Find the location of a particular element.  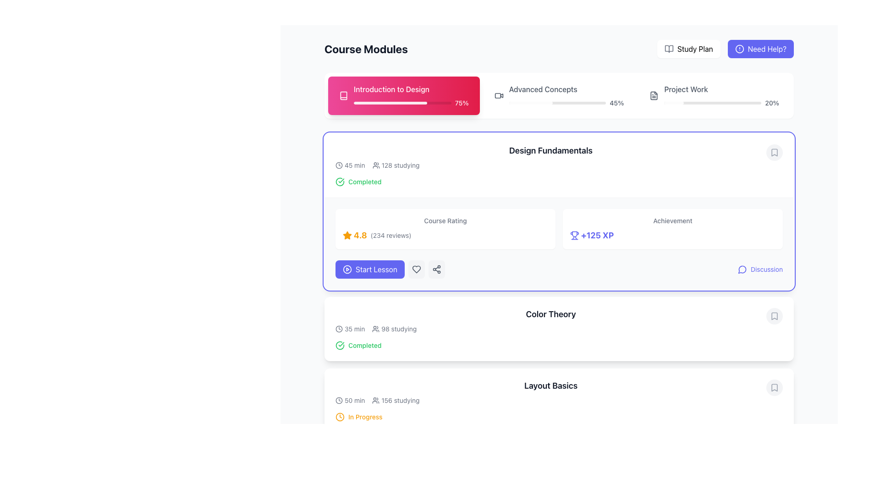

the 'Start Lesson' button, which is a rectangular button with a blue background and white text, located within the 'Design Fundamentals' card is located at coordinates (376, 269).